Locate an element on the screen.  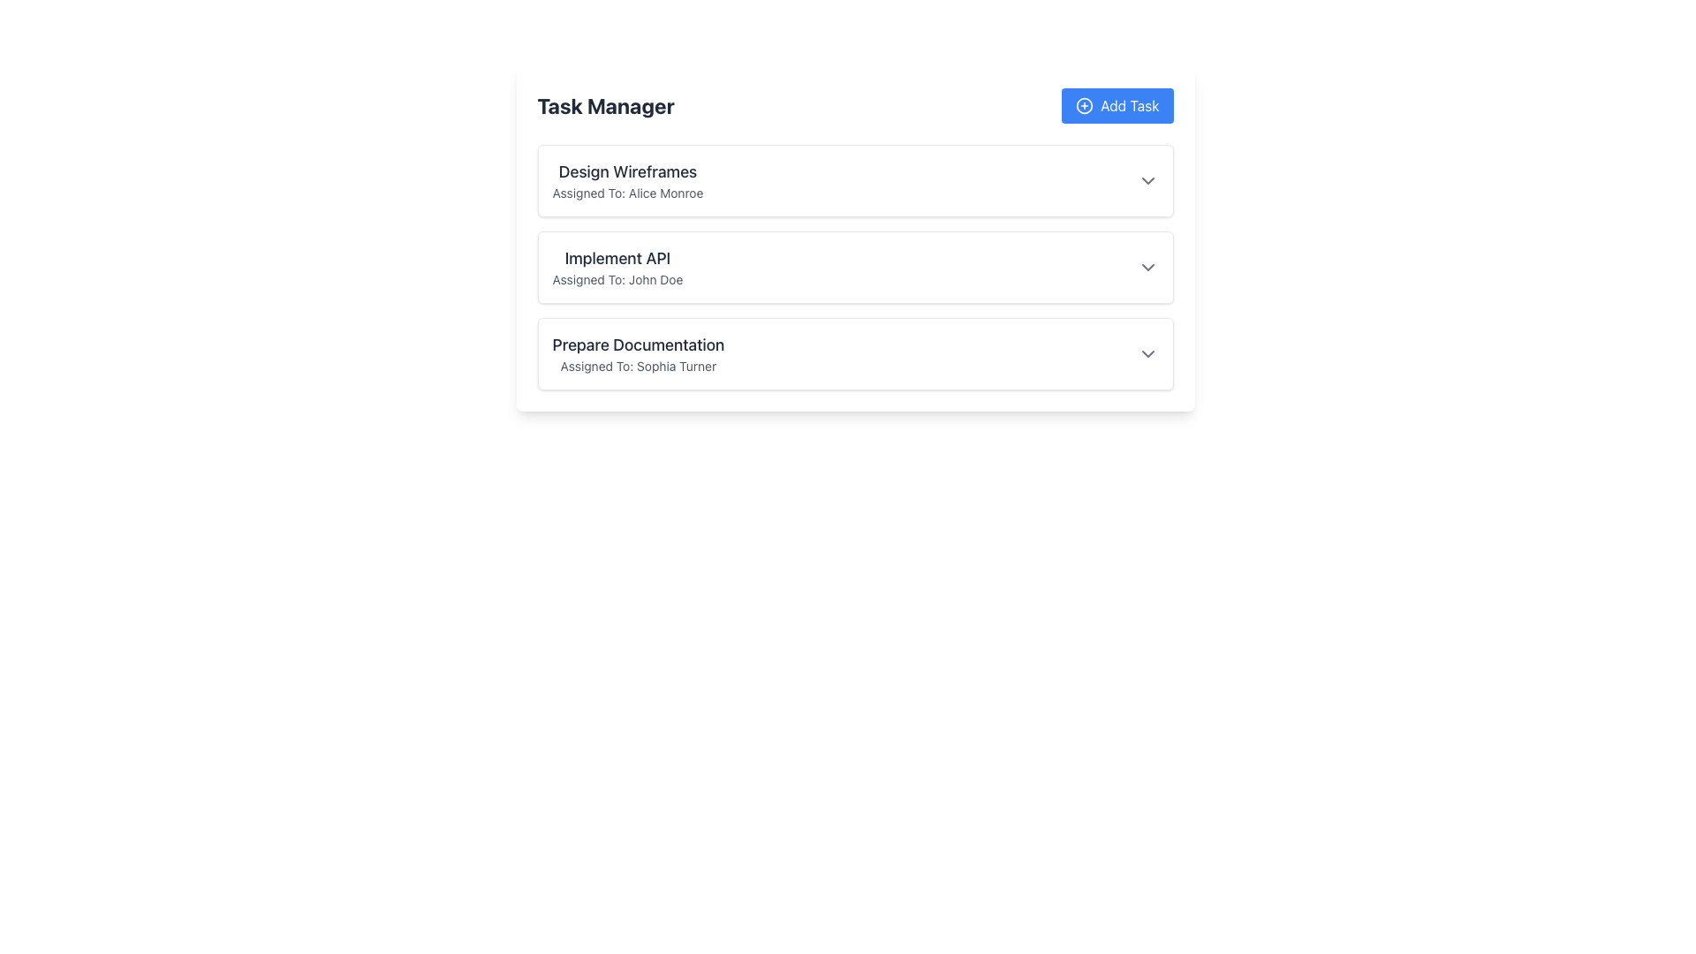
the toggle icon button at the far-right end of the 'Design Wireframes' task entry is located at coordinates (1147, 180).